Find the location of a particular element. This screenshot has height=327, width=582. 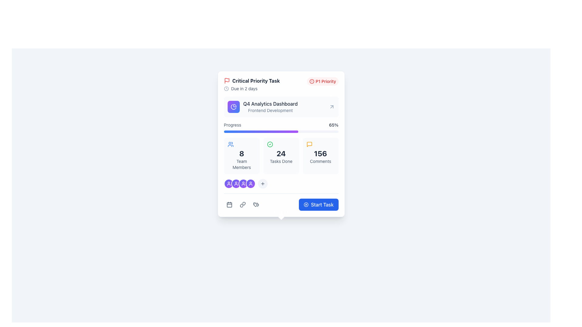

the user profile icon, which is styled with an indigo and purple gradient and located in the lower center area of the card is located at coordinates (250, 183).